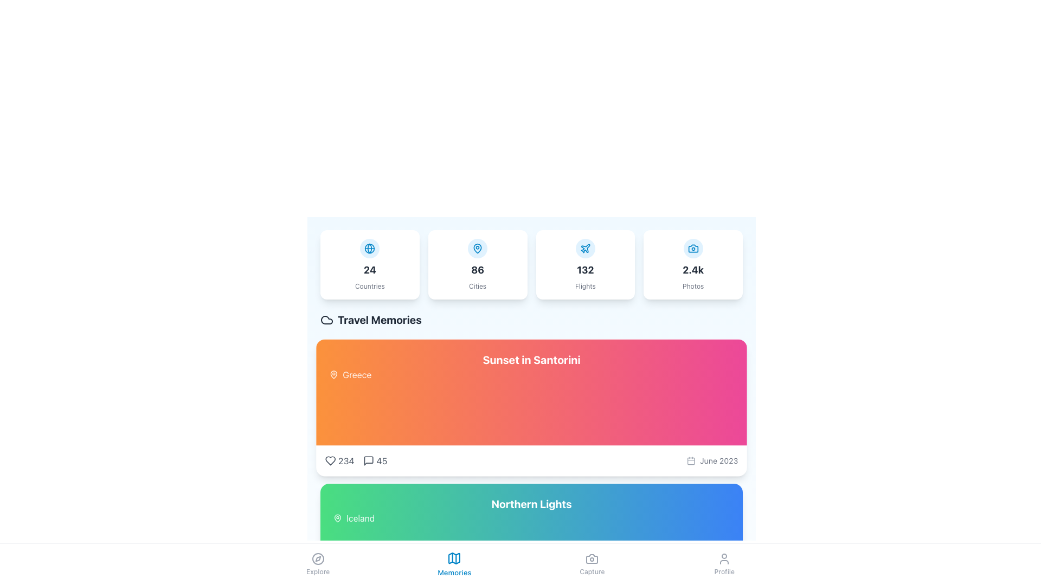 The width and height of the screenshot is (1041, 585). Describe the element at coordinates (330, 460) in the screenshot. I see `the 'like' icon button for the 'Sunset in Santorini' memory card` at that location.